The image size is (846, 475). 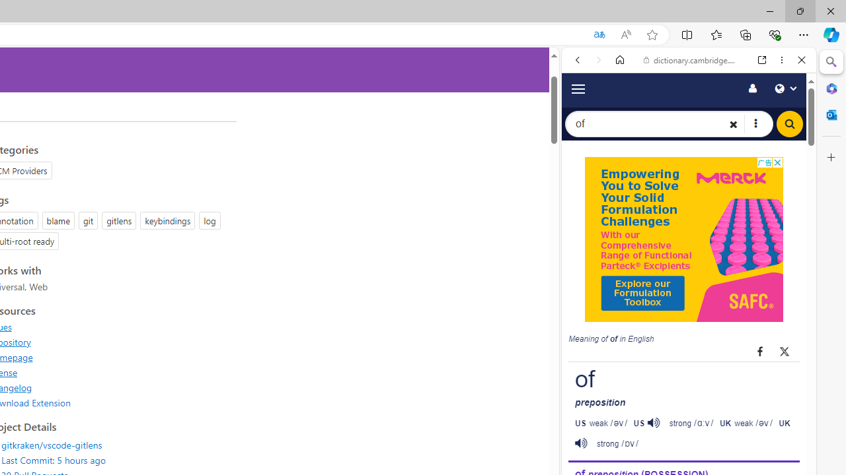 I want to click on 'Choose a dictionary', so click(x=755, y=124).